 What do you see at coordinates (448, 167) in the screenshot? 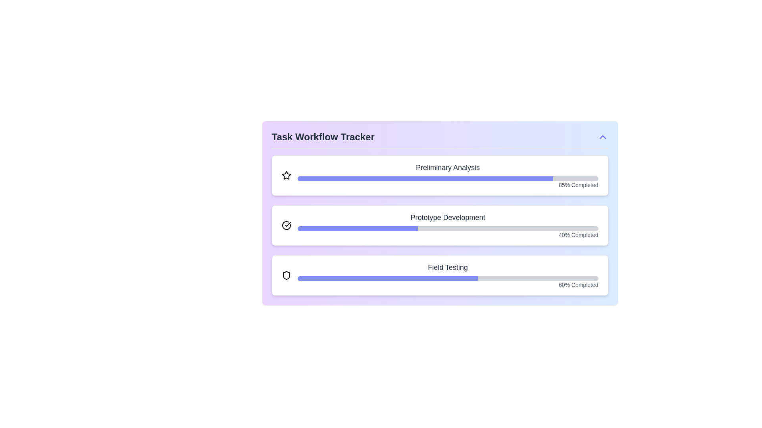
I see `the 'Preliminary Analysis' text label, which is prominently displayed in a large, bold font within the task workflow tracker interface` at bounding box center [448, 167].